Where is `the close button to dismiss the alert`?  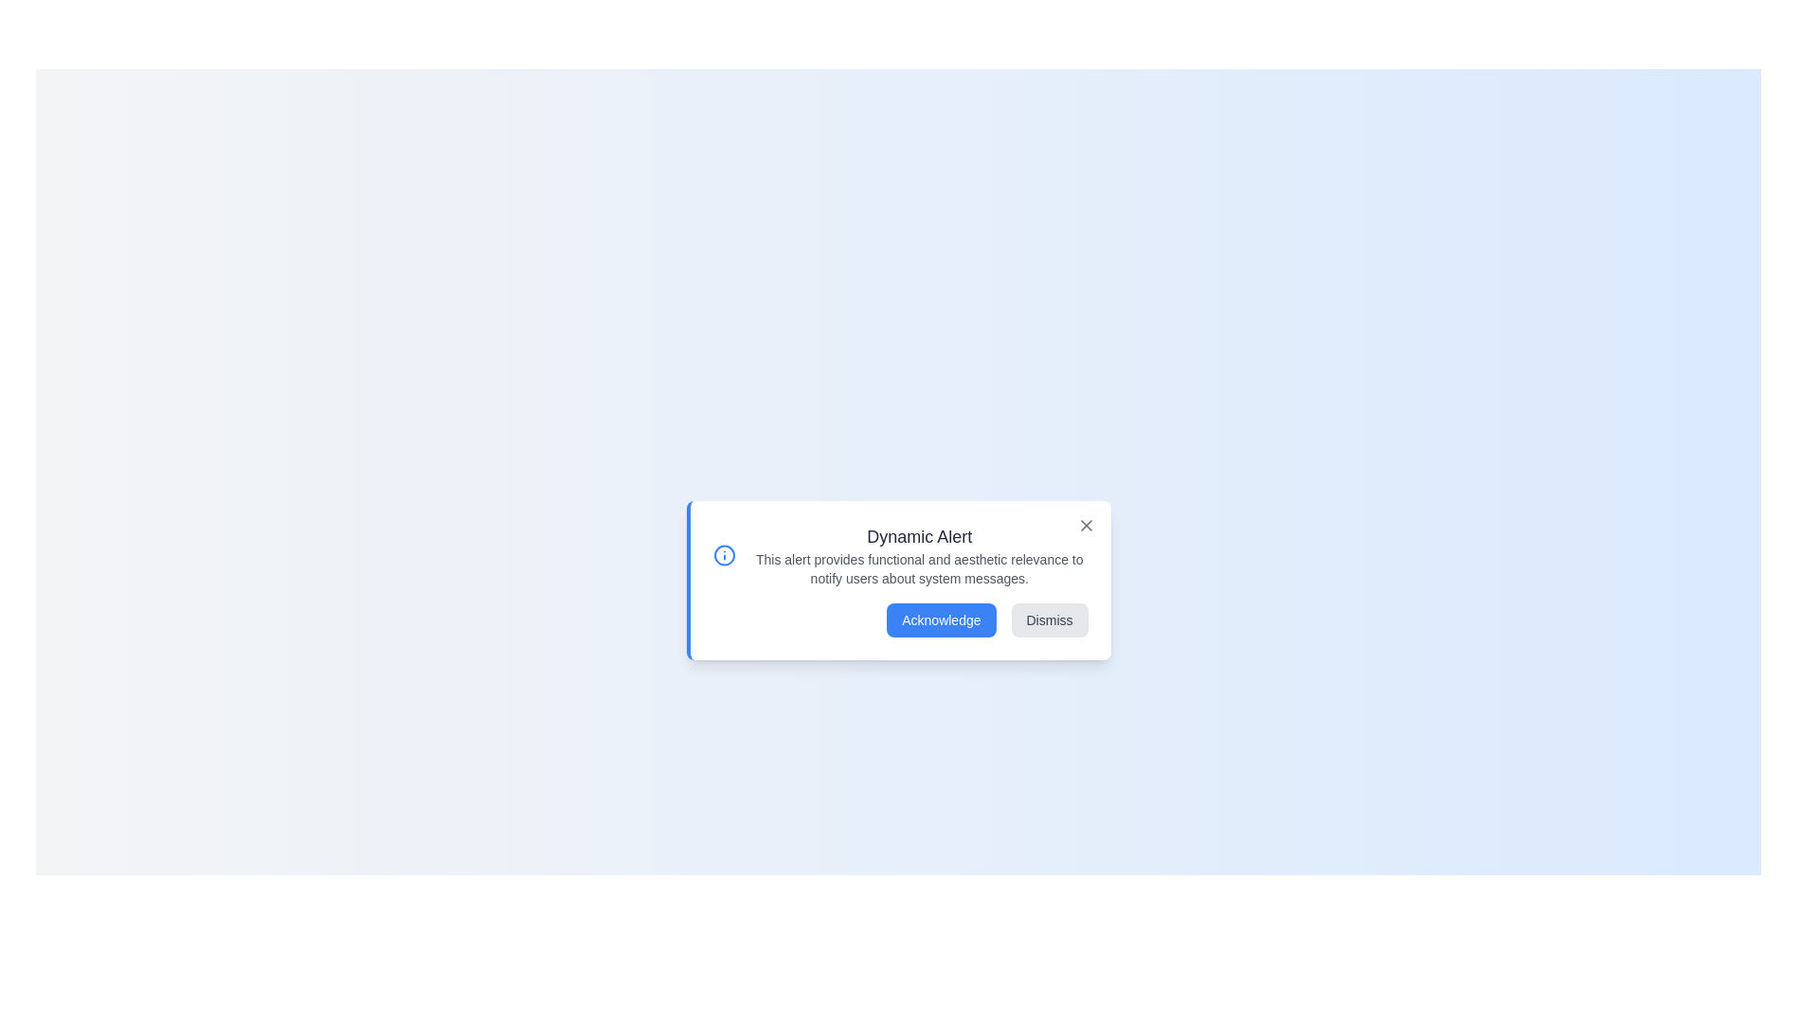
the close button to dismiss the alert is located at coordinates (1086, 526).